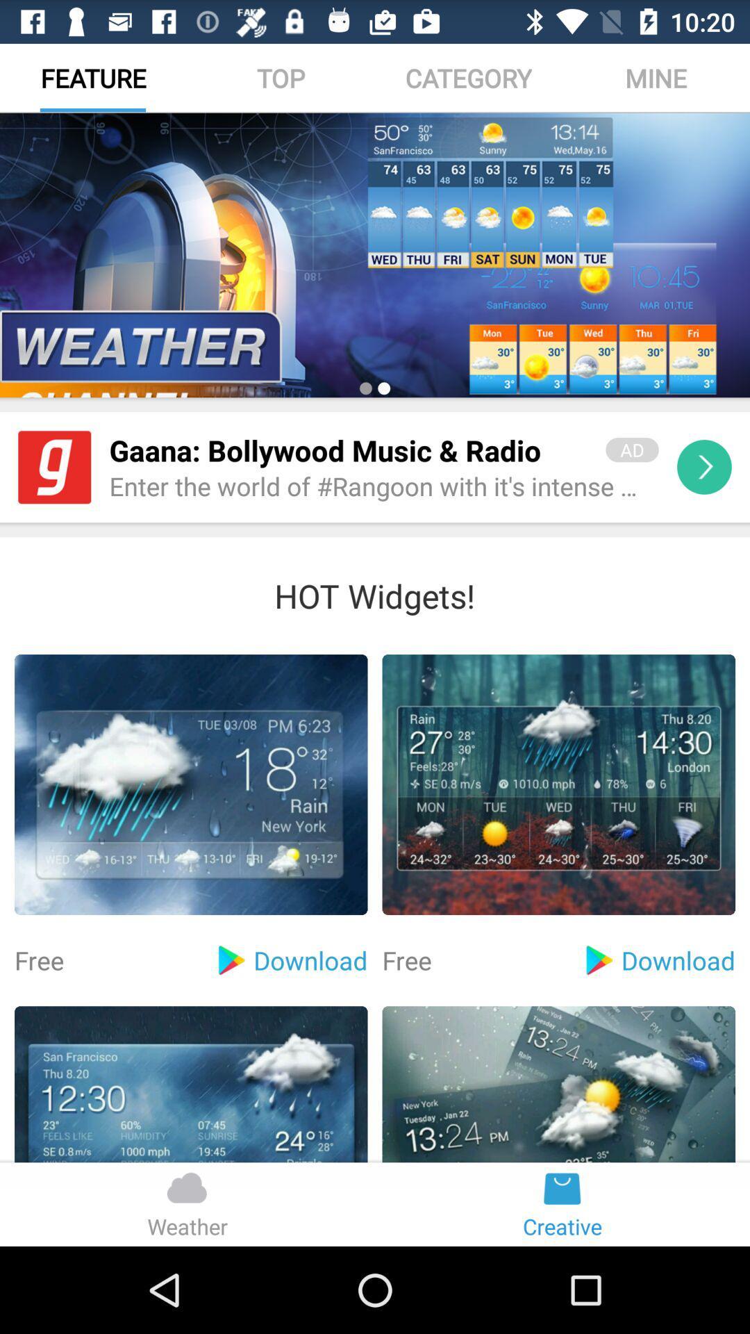 The width and height of the screenshot is (750, 1334). I want to click on the enter the world icon, so click(384, 487).